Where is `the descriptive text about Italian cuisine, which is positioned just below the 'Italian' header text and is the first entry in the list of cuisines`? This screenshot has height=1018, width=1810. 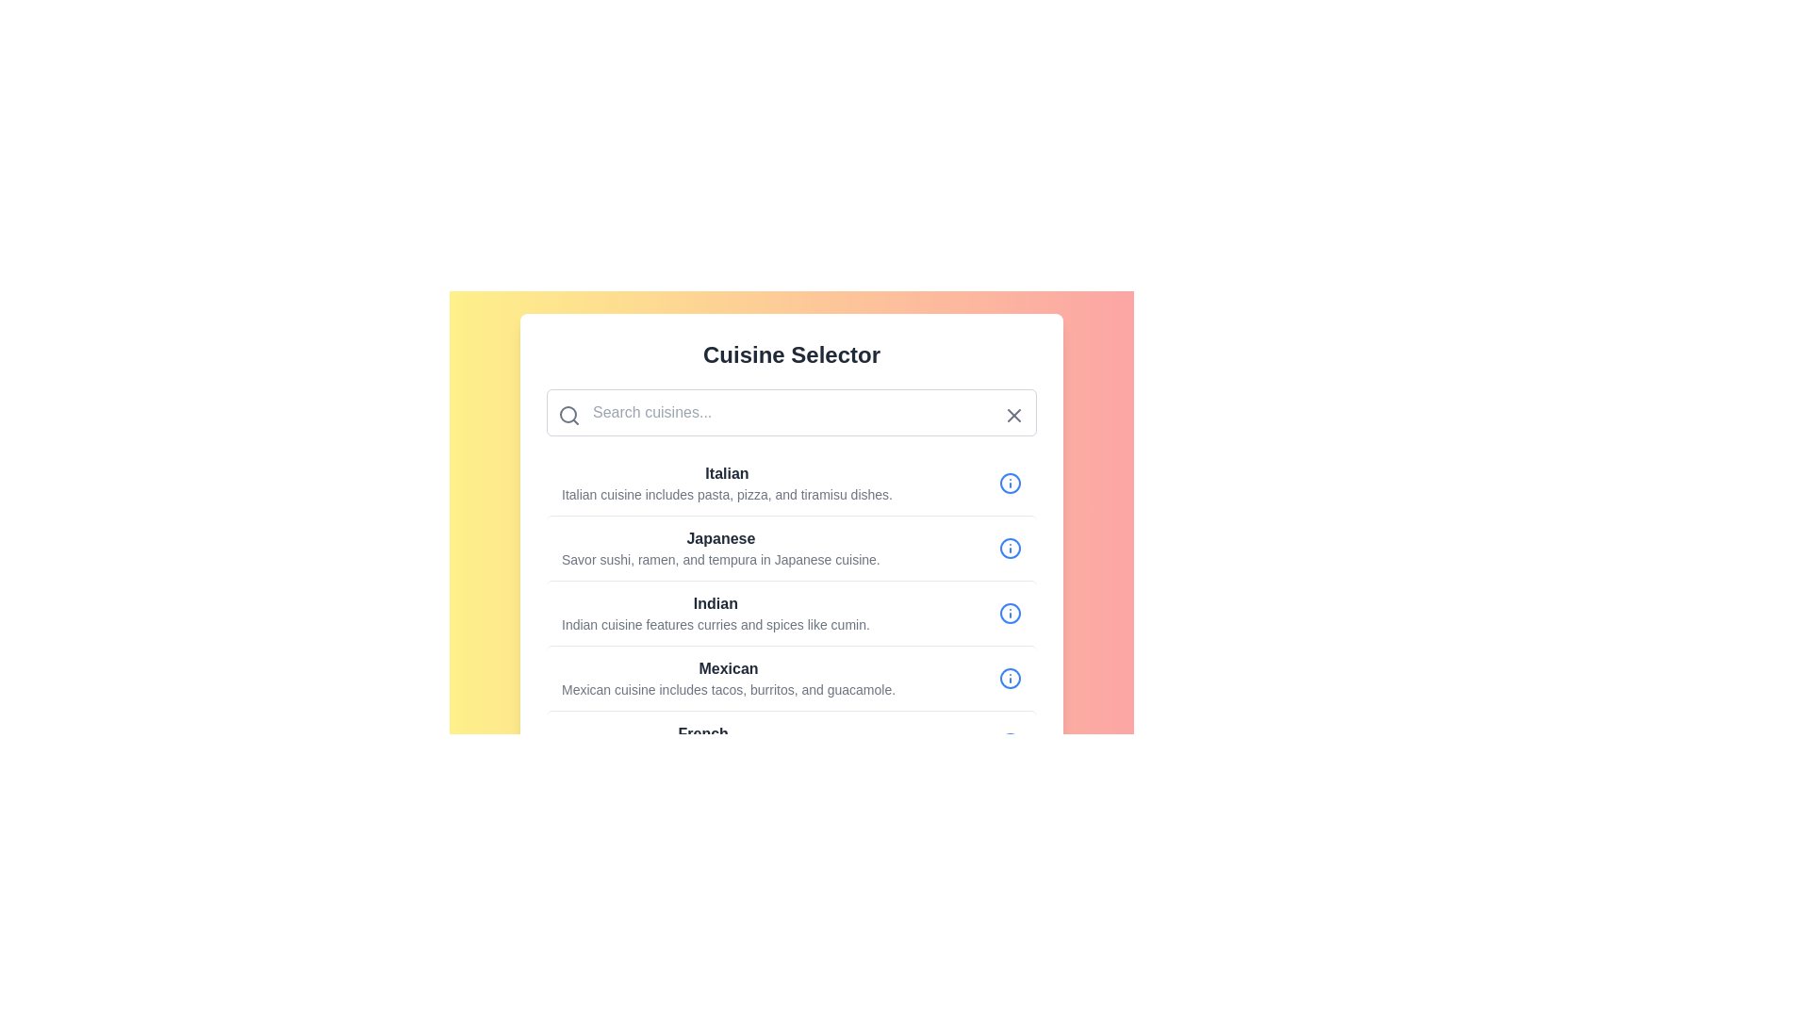
the descriptive text about Italian cuisine, which is positioned just below the 'Italian' header text and is the first entry in the list of cuisines is located at coordinates (726, 493).